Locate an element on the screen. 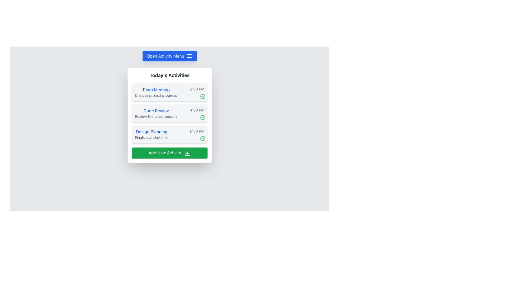 The image size is (505, 284). the icon indicating the successful or completed status of the associated activity within the 'Code Review' activity card, located at the bottom-right corner is located at coordinates (203, 117).